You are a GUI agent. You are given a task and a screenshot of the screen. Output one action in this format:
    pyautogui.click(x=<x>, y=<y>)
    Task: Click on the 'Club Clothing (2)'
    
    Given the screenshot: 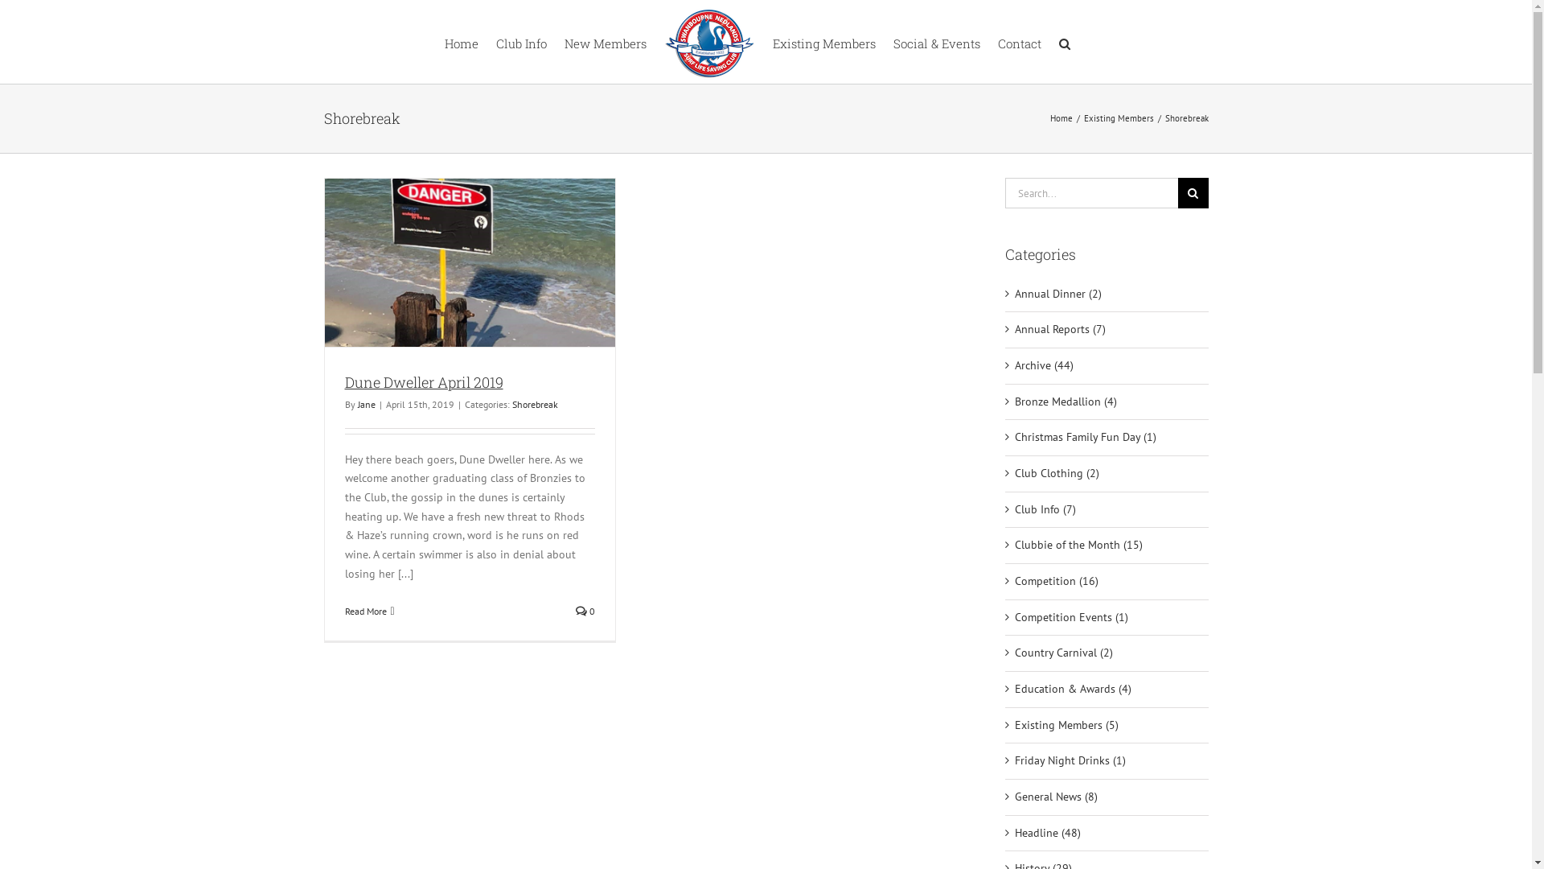 What is the action you would take?
    pyautogui.click(x=1014, y=473)
    